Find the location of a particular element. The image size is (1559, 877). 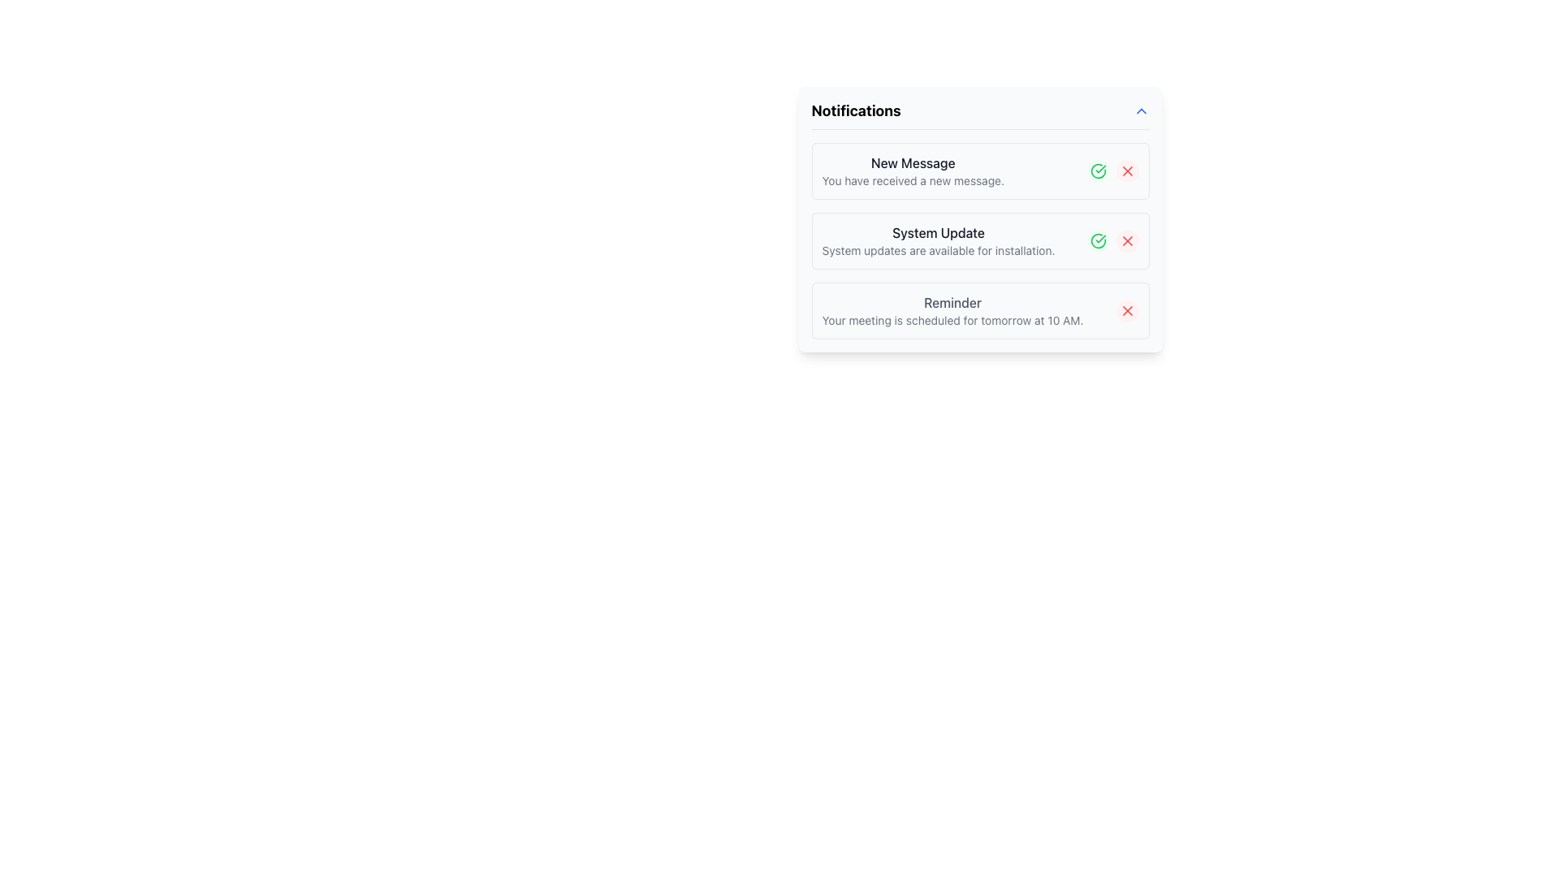

the 'Reminder' text element which is prominently positioned as a heading in gray color above the body text of the notification is located at coordinates (952, 303).